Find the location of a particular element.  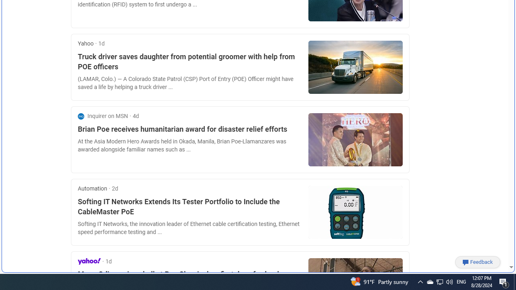

'Search news from Automation' is located at coordinates (92, 188).